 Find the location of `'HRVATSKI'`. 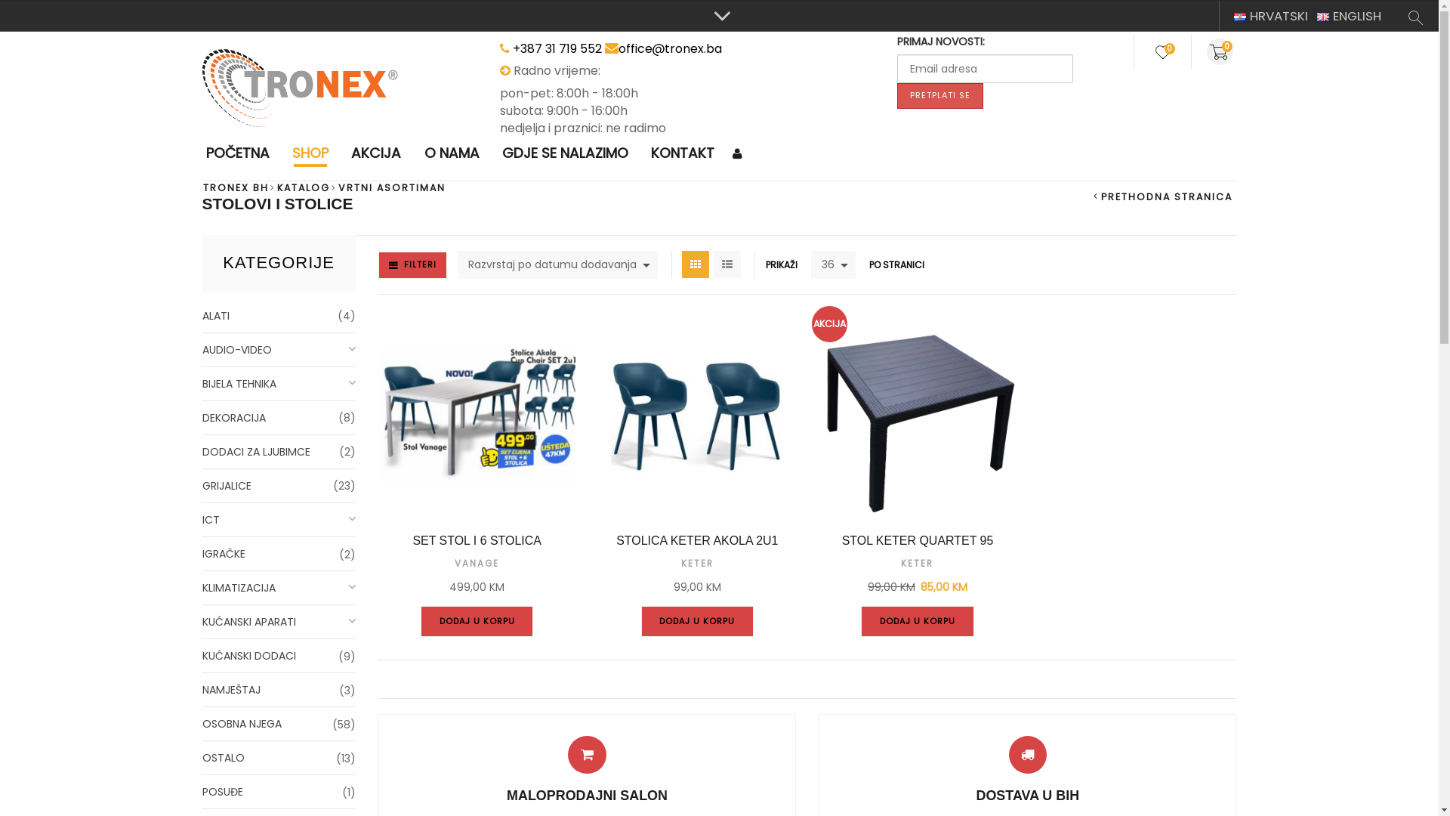

'HRVATSKI' is located at coordinates (1270, 15).